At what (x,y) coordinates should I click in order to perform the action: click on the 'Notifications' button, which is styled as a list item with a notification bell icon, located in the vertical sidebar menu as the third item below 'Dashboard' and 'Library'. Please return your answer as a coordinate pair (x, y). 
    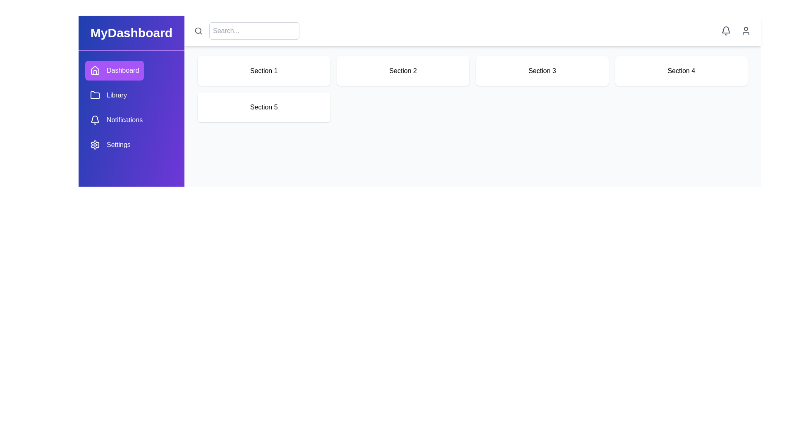
    Looking at the image, I should click on (116, 120).